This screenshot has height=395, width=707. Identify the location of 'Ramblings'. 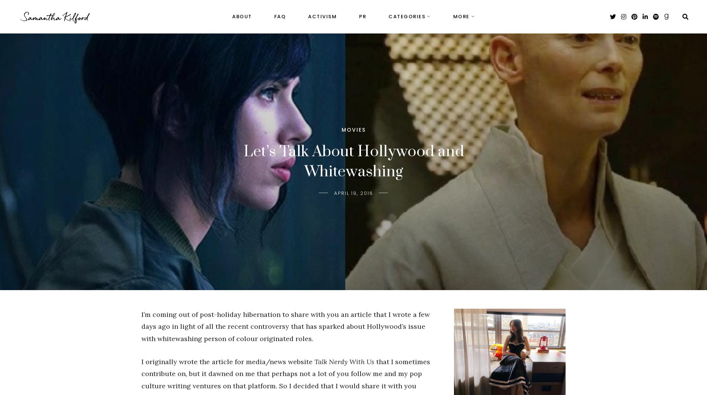
(402, 70).